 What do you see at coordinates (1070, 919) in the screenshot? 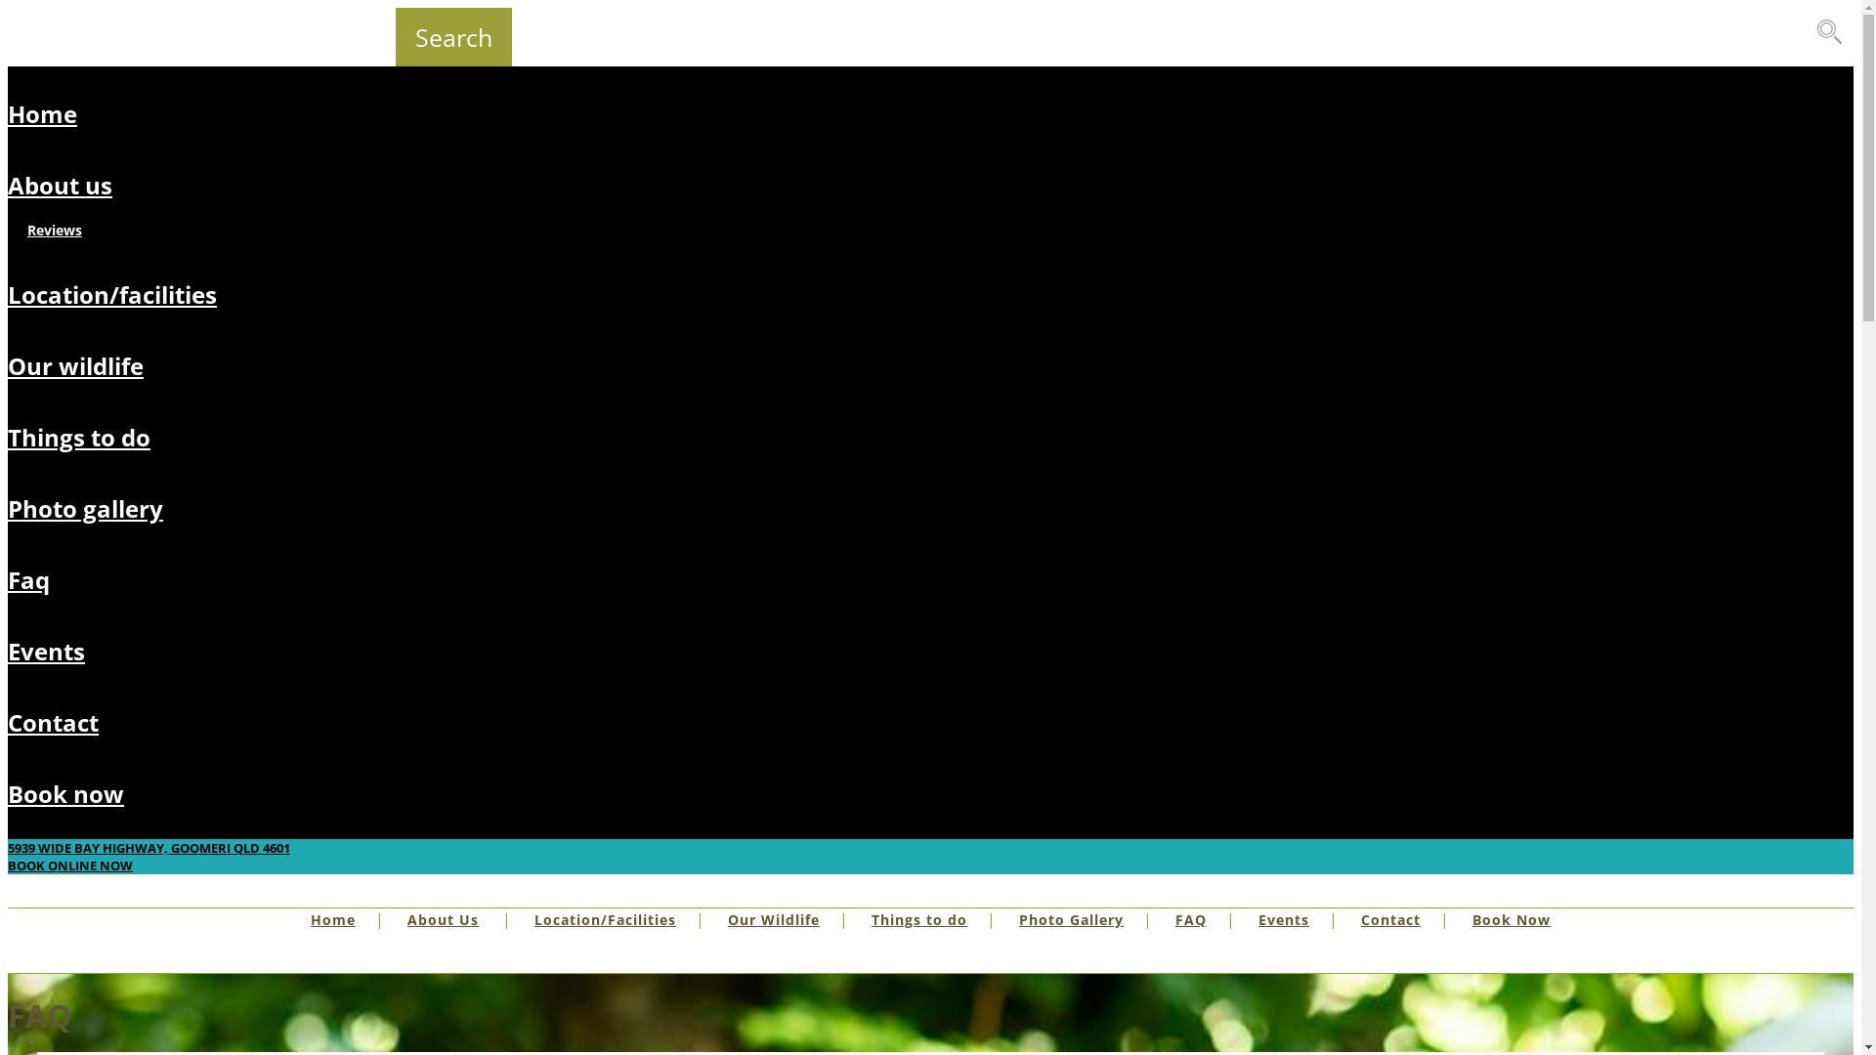
I see `'Photo Gallery'` at bounding box center [1070, 919].